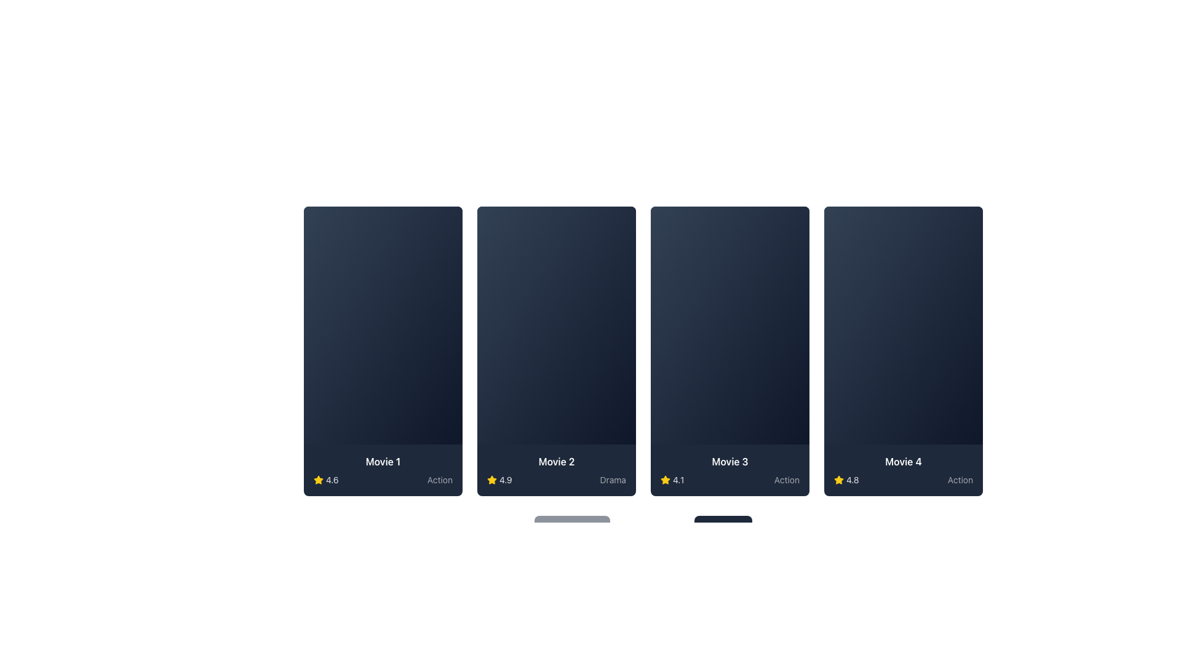  What do you see at coordinates (506, 479) in the screenshot?
I see `the static text label displaying the rating value for the second movie card in the grid layout, which is located to the right of the yellow star icon` at bounding box center [506, 479].